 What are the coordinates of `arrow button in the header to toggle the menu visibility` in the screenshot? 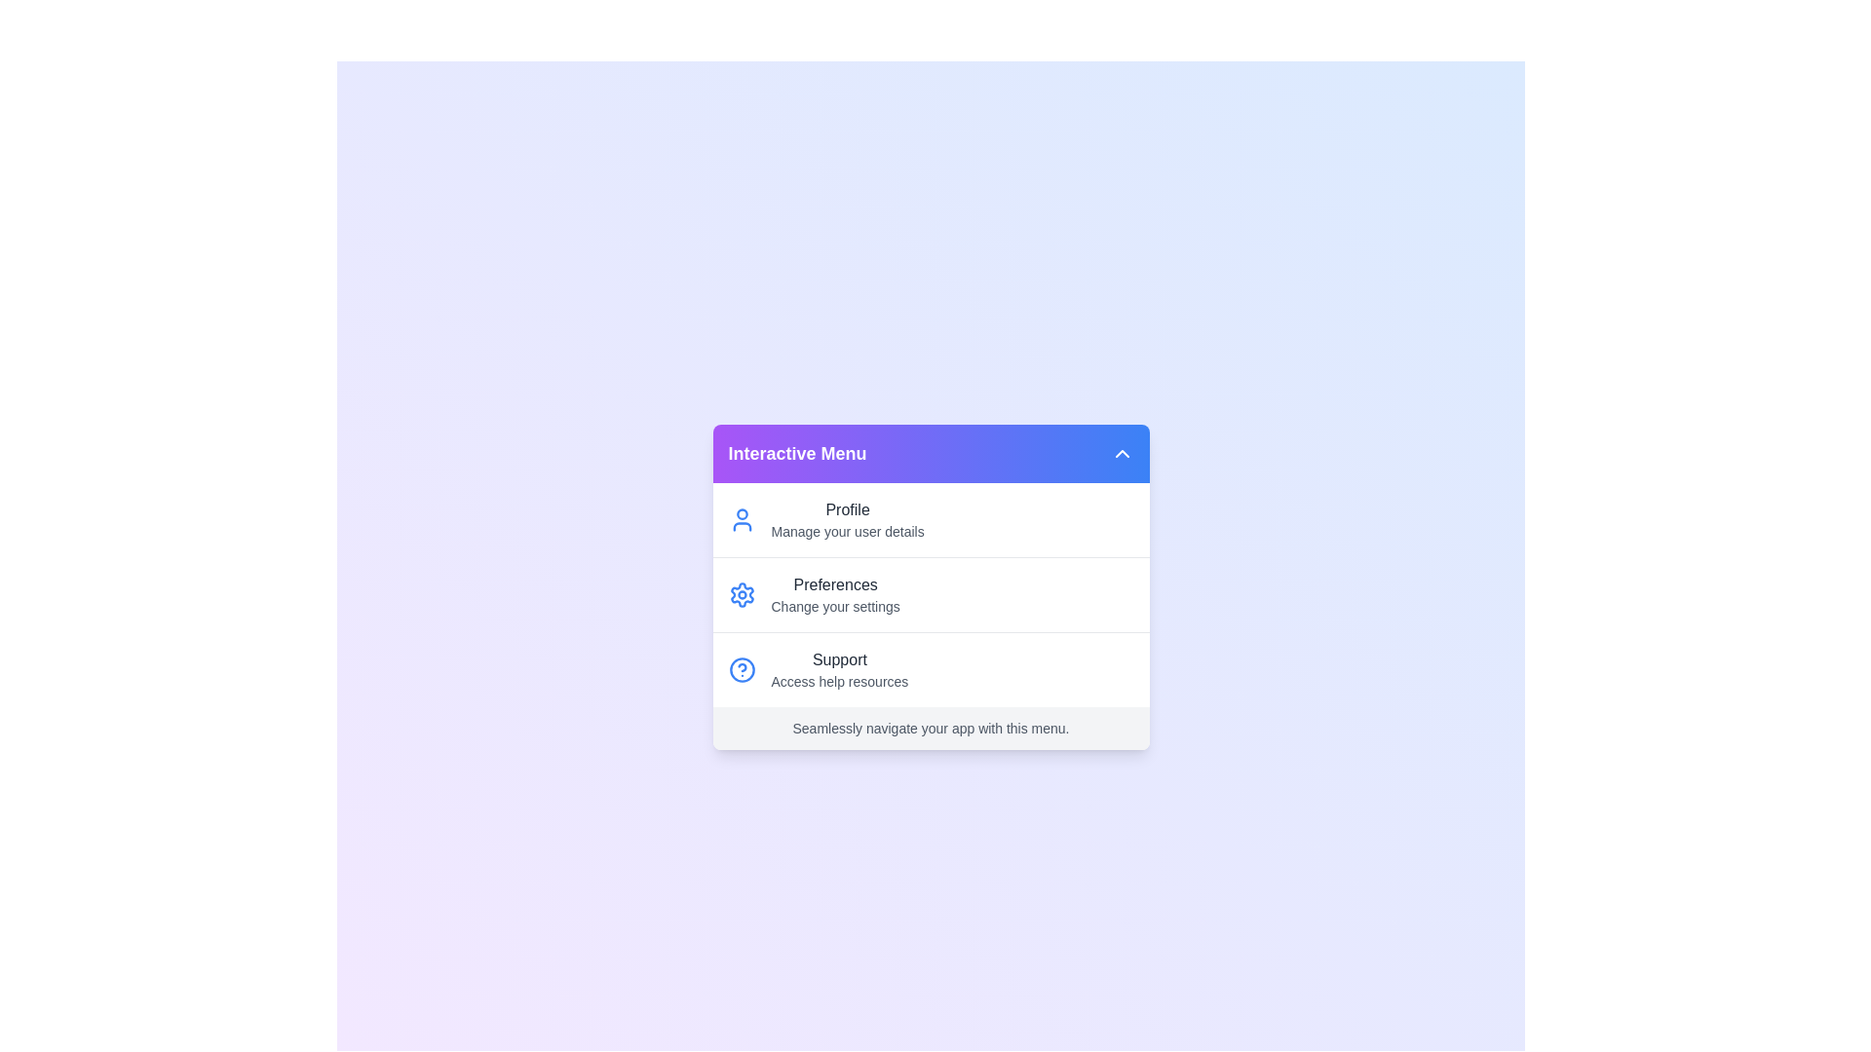 It's located at (1122, 454).